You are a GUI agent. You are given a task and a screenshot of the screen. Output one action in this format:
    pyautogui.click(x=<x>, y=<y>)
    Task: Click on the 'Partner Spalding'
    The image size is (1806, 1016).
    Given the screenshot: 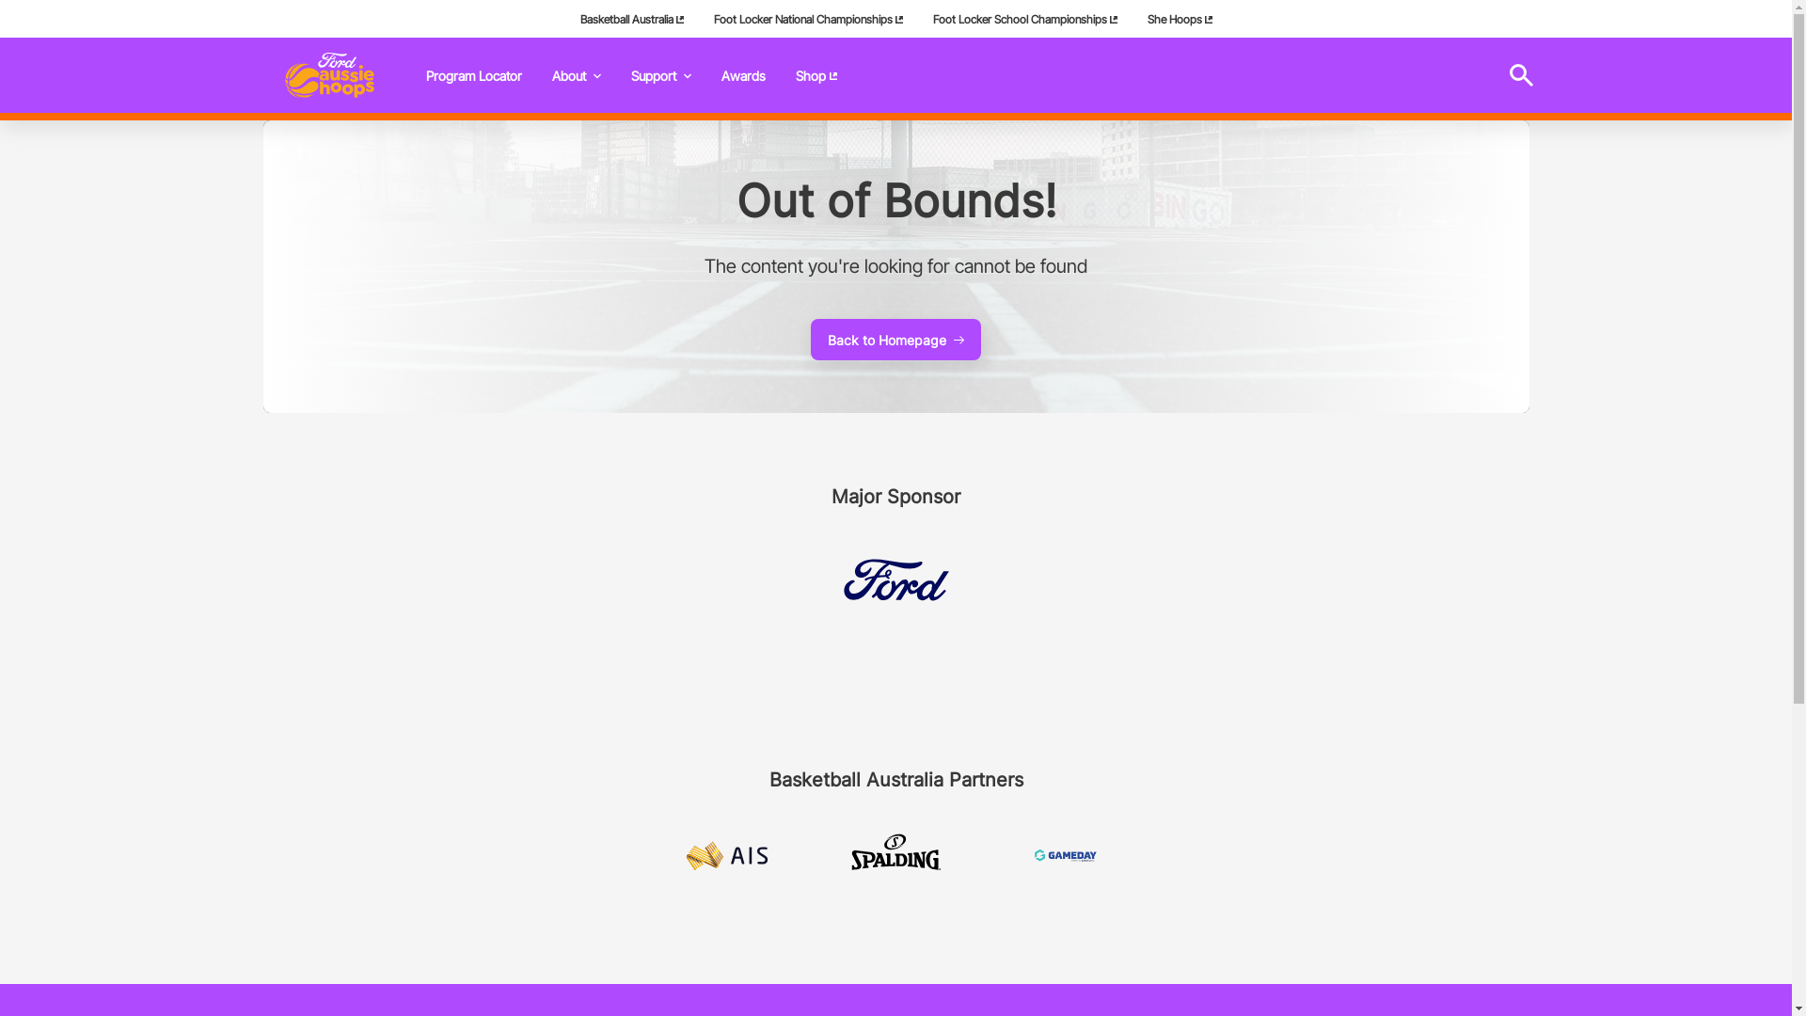 What is the action you would take?
    pyautogui.click(x=848, y=855)
    